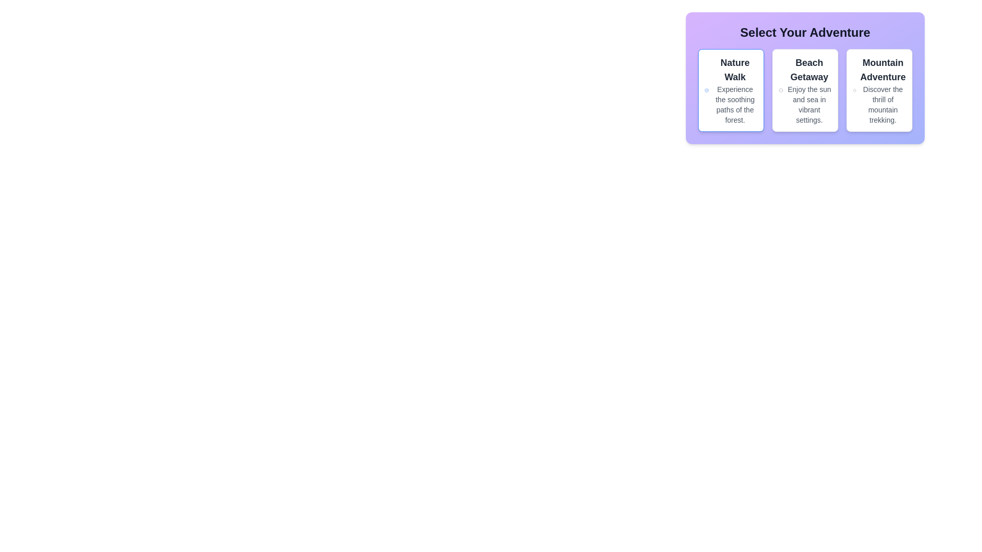 The image size is (982, 552). I want to click on the Text label that serves as the title or header of the first card in the upper center of the interface, so click(734, 70).